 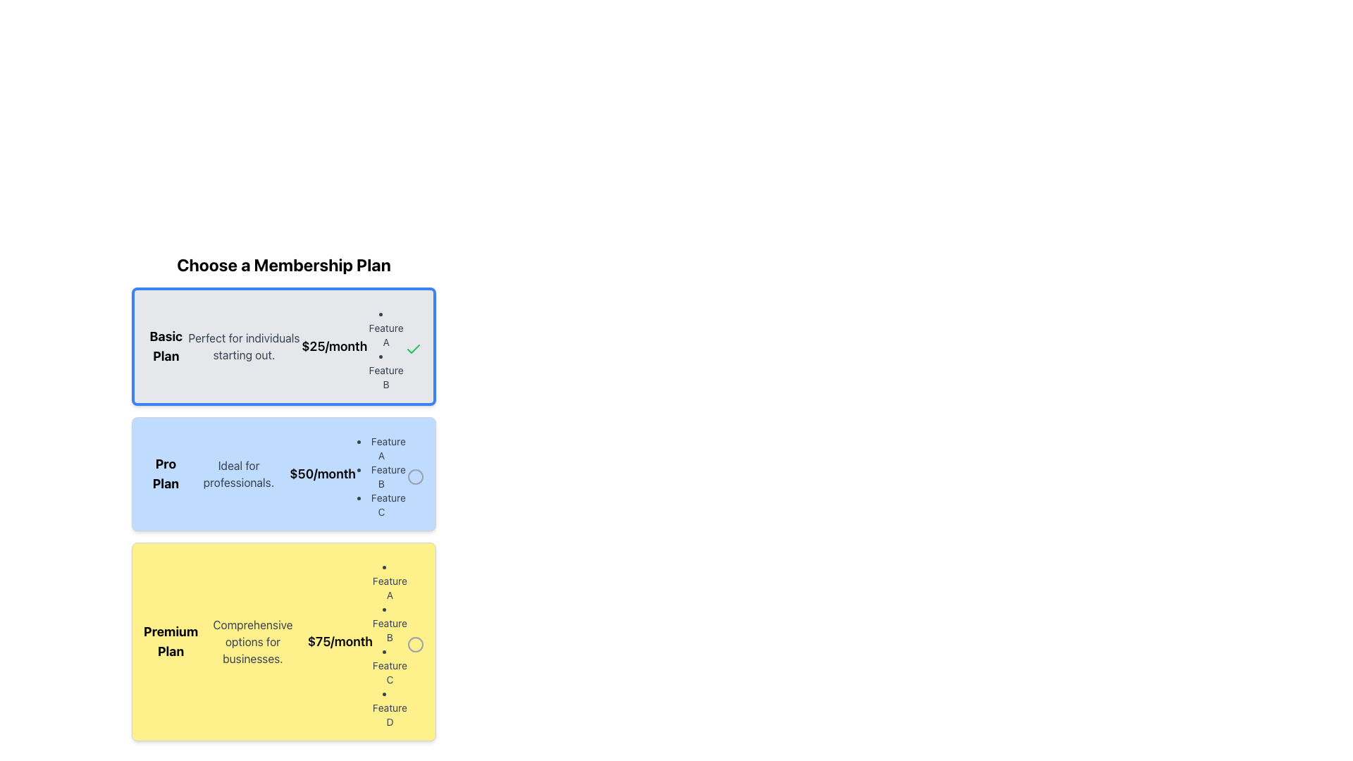 I want to click on features listed in the bulleted list located in the 'Pro Plan' section, which is the middle card of the membership plan cards, positioned below the '$50/month' text, so click(x=381, y=476).